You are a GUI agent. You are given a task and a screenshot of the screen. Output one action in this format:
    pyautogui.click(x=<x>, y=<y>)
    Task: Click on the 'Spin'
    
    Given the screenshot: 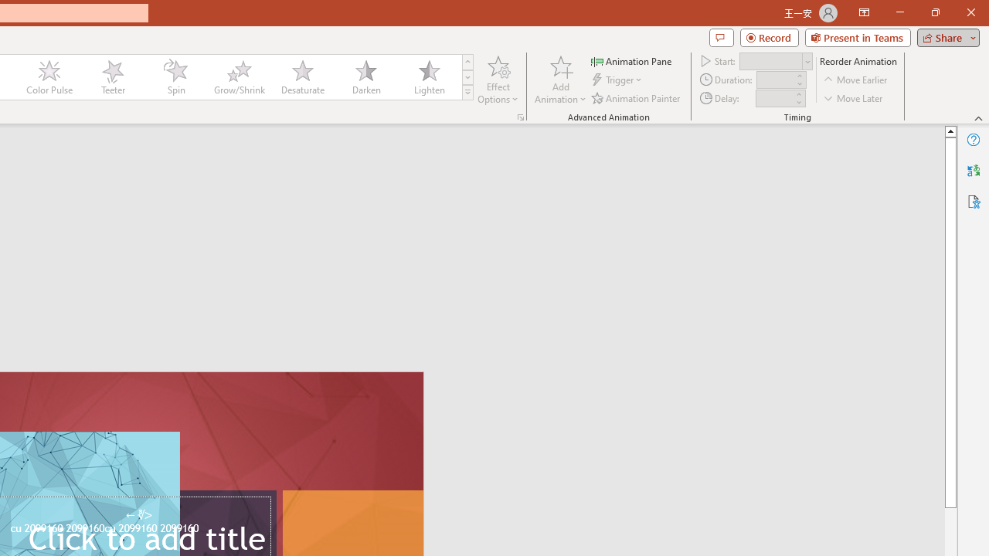 What is the action you would take?
    pyautogui.click(x=175, y=77)
    